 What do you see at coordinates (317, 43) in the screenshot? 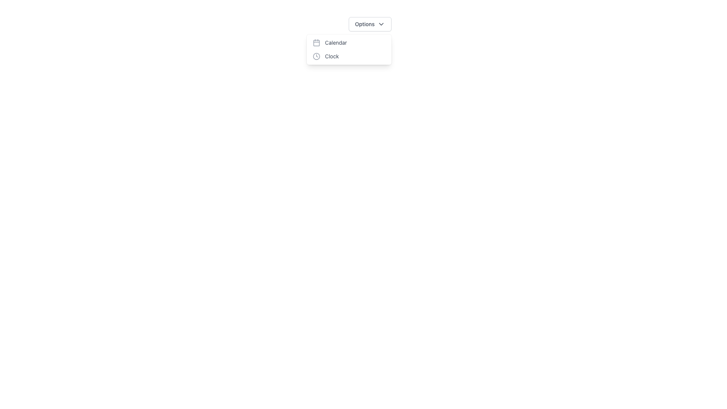
I see `the rectangular icon with a rounded border that is part of the calendar icon next to the 'Calendar' label in the dropdown menu` at bounding box center [317, 43].